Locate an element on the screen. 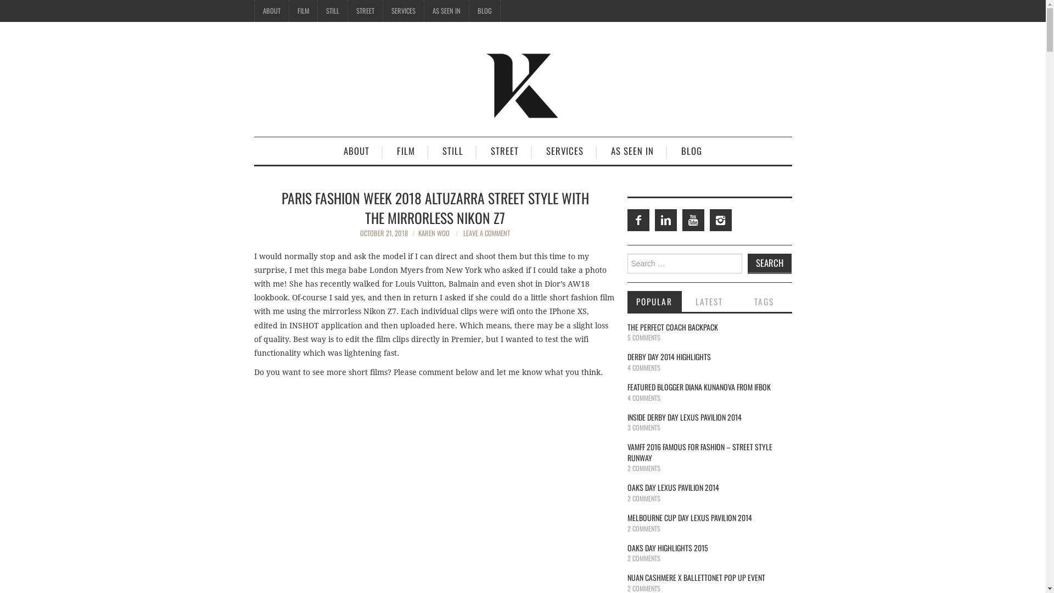 This screenshot has width=1054, height=593. 'BLOG' is located at coordinates (691, 150).